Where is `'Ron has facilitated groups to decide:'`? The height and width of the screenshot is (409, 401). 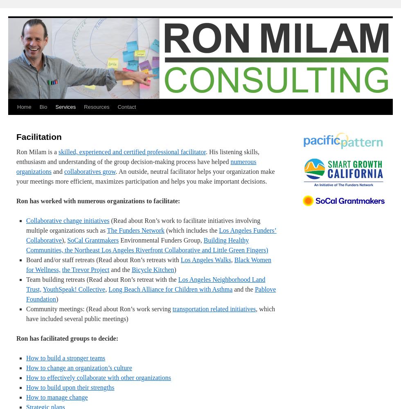 'Ron has facilitated groups to decide:' is located at coordinates (68, 338).